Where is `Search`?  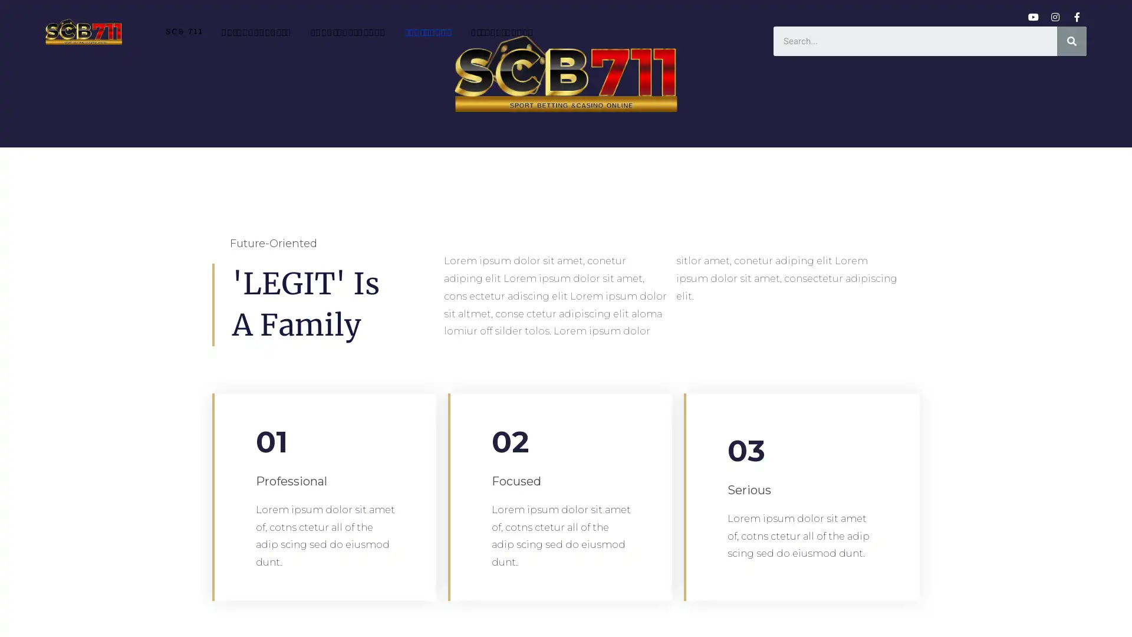 Search is located at coordinates (1072, 40).